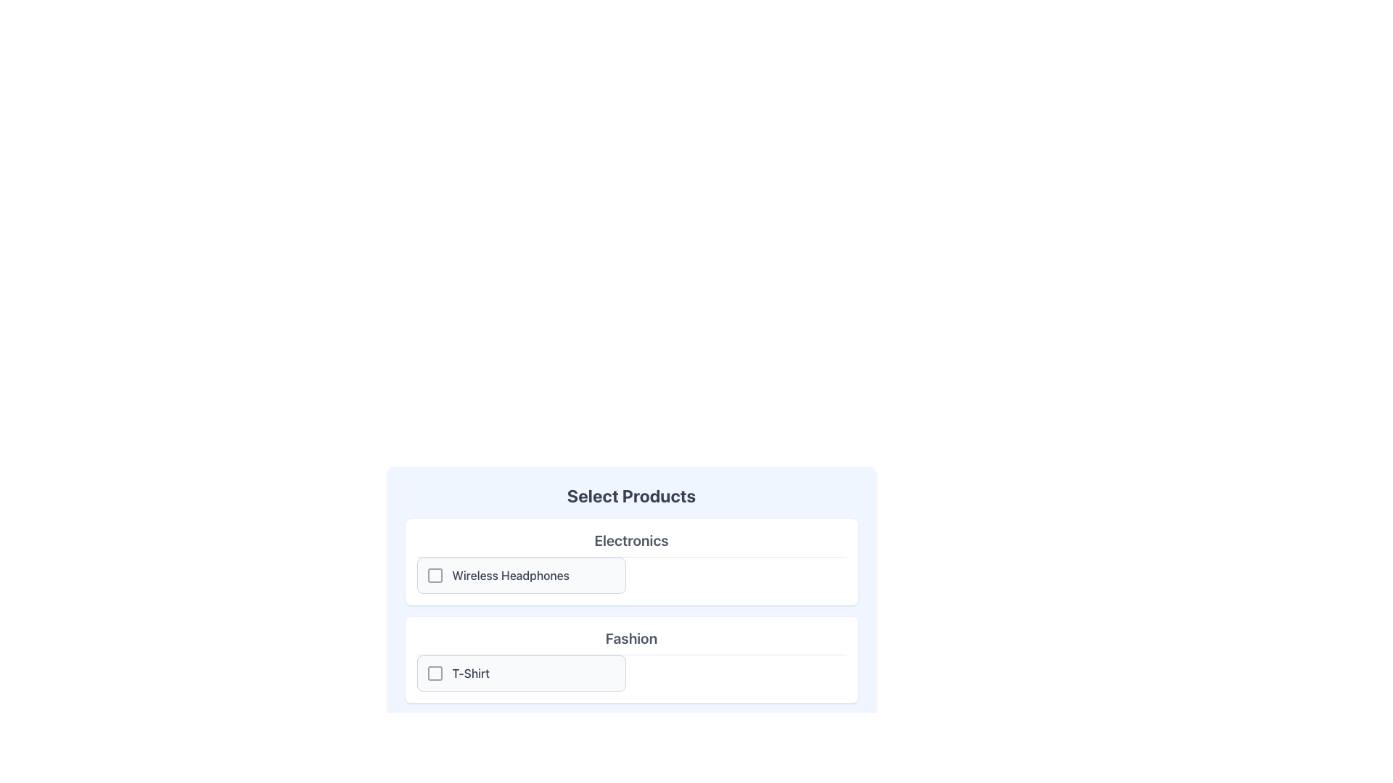  Describe the element at coordinates (511, 575) in the screenshot. I see `the text label displaying 'Wireless Headphones', which is styled with a gray font and is positioned next to a checkbox in the 'Electronics' selection group` at that location.